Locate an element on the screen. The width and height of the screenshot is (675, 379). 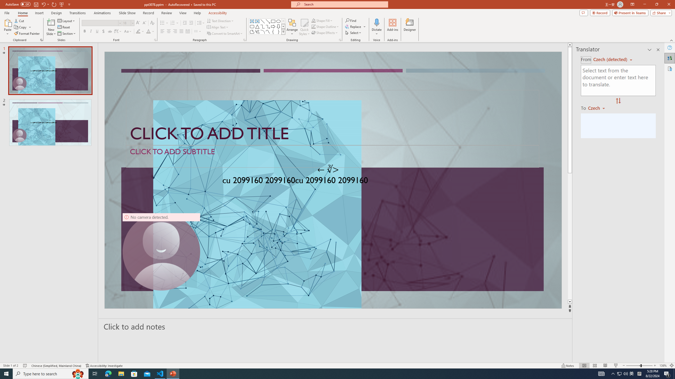
'Subtitle TextBox' is located at coordinates (332, 156).